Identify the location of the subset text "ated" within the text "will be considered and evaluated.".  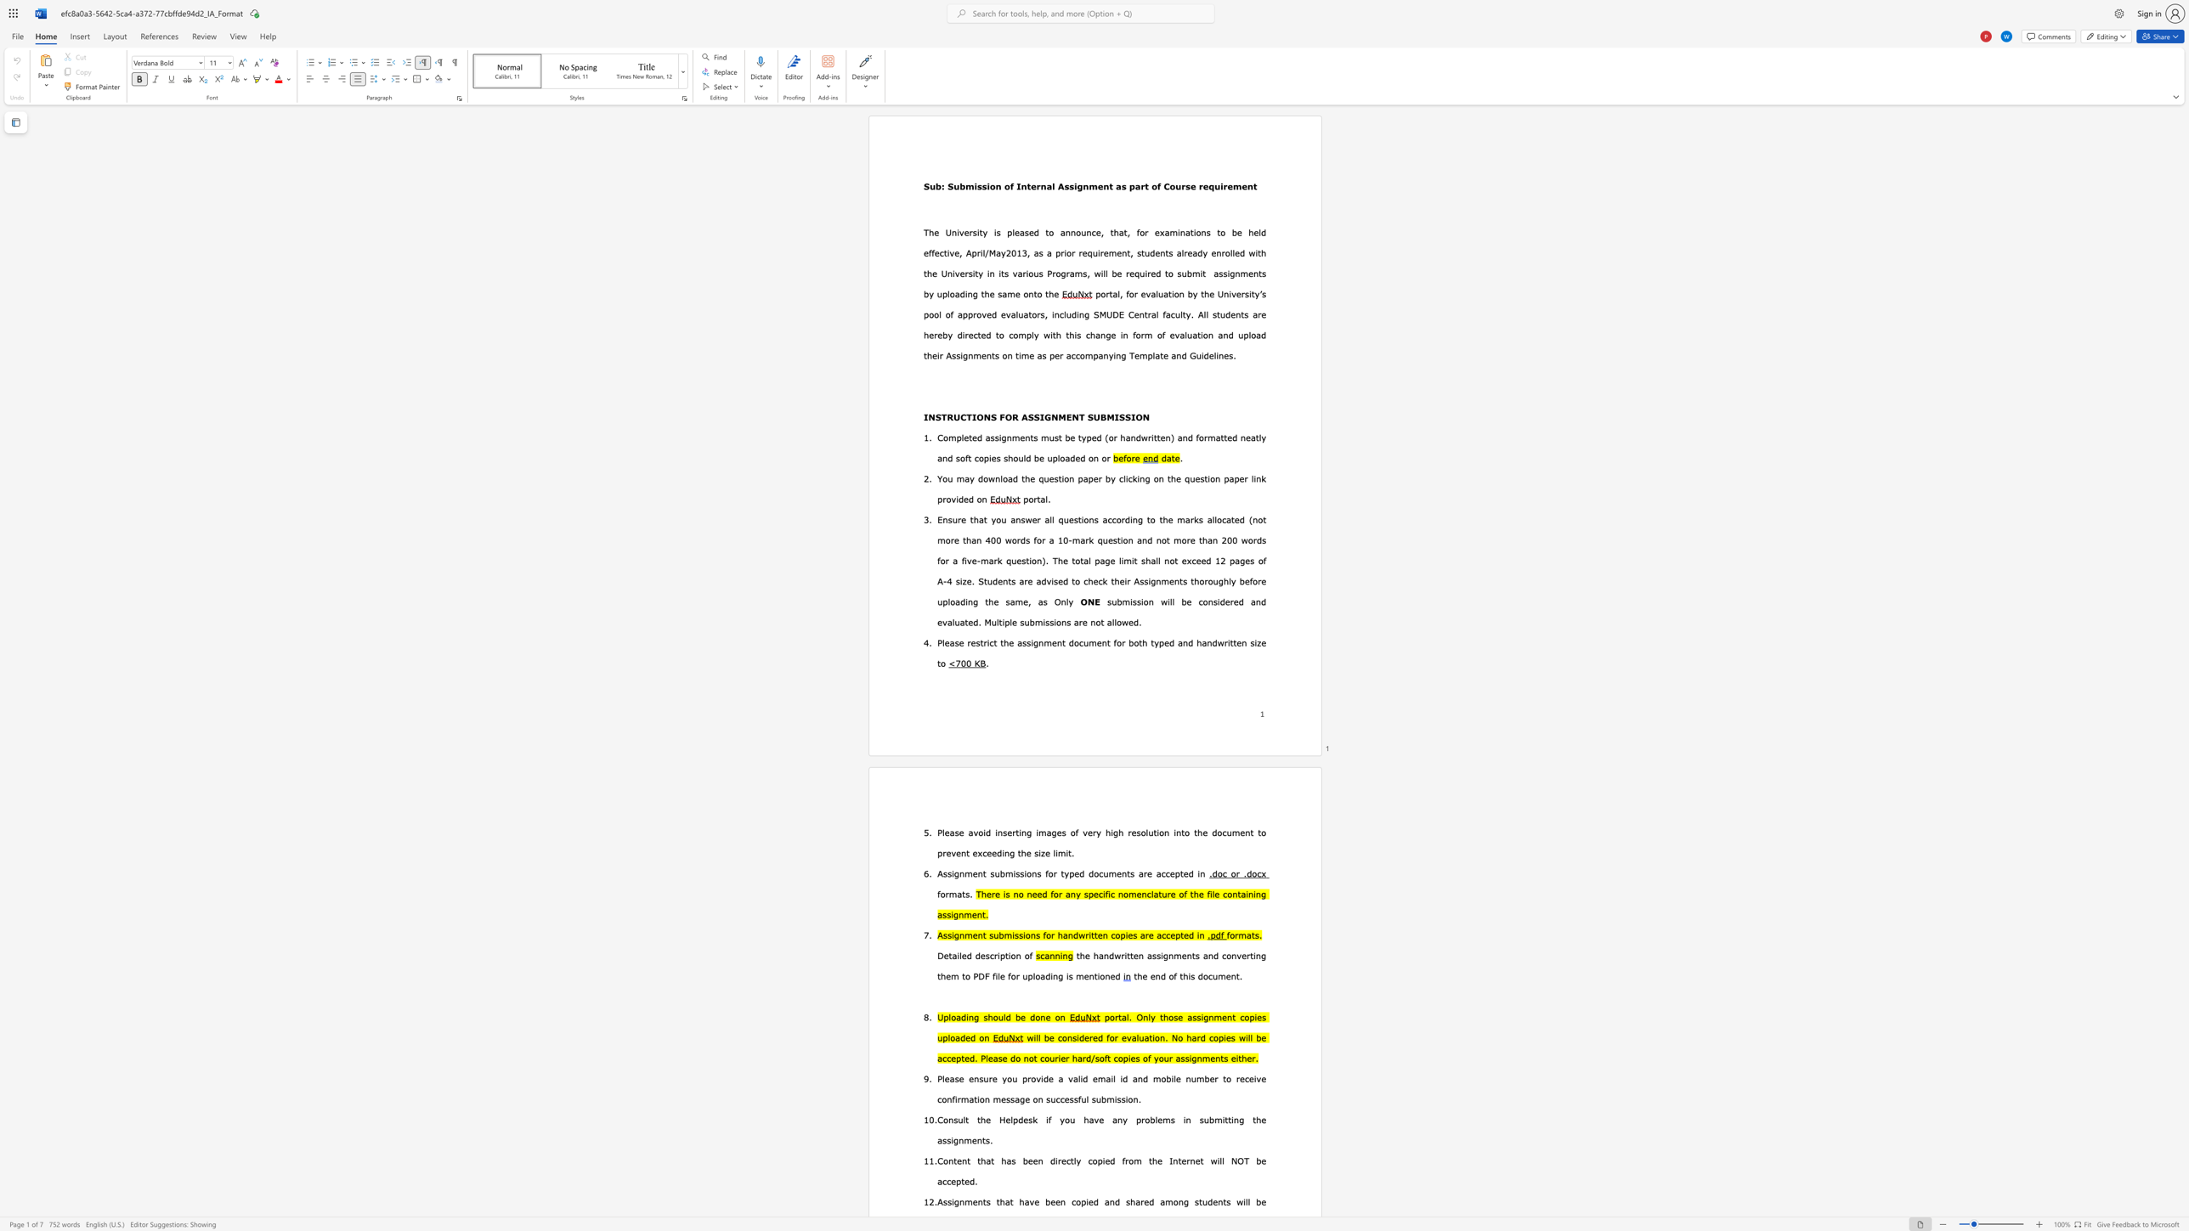
(959, 621).